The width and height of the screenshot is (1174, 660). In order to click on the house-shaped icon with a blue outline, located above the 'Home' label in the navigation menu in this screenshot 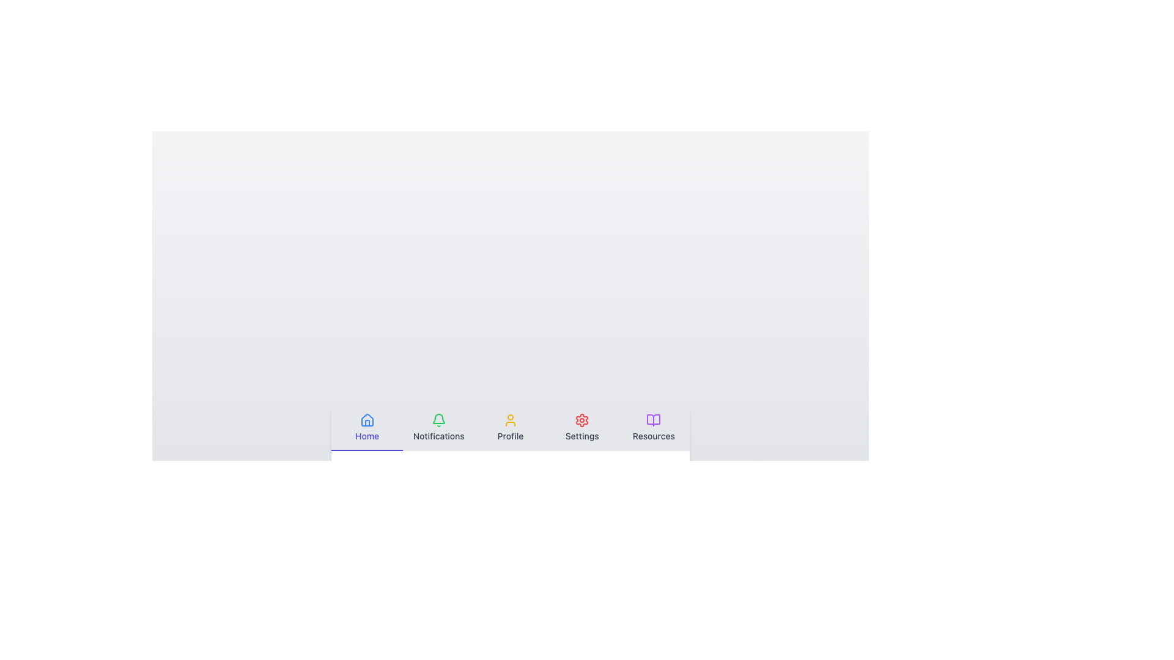, I will do `click(366, 419)`.